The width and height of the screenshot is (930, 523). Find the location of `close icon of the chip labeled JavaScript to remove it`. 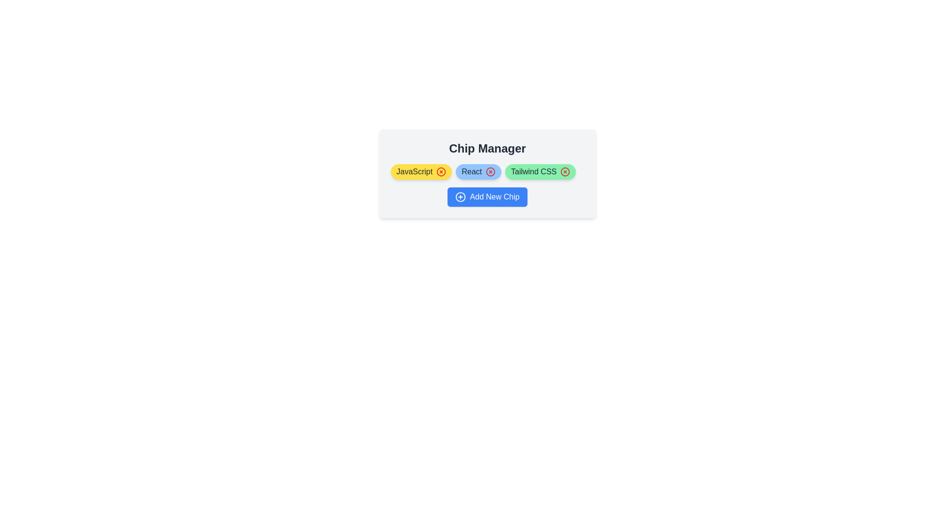

close icon of the chip labeled JavaScript to remove it is located at coordinates (441, 171).